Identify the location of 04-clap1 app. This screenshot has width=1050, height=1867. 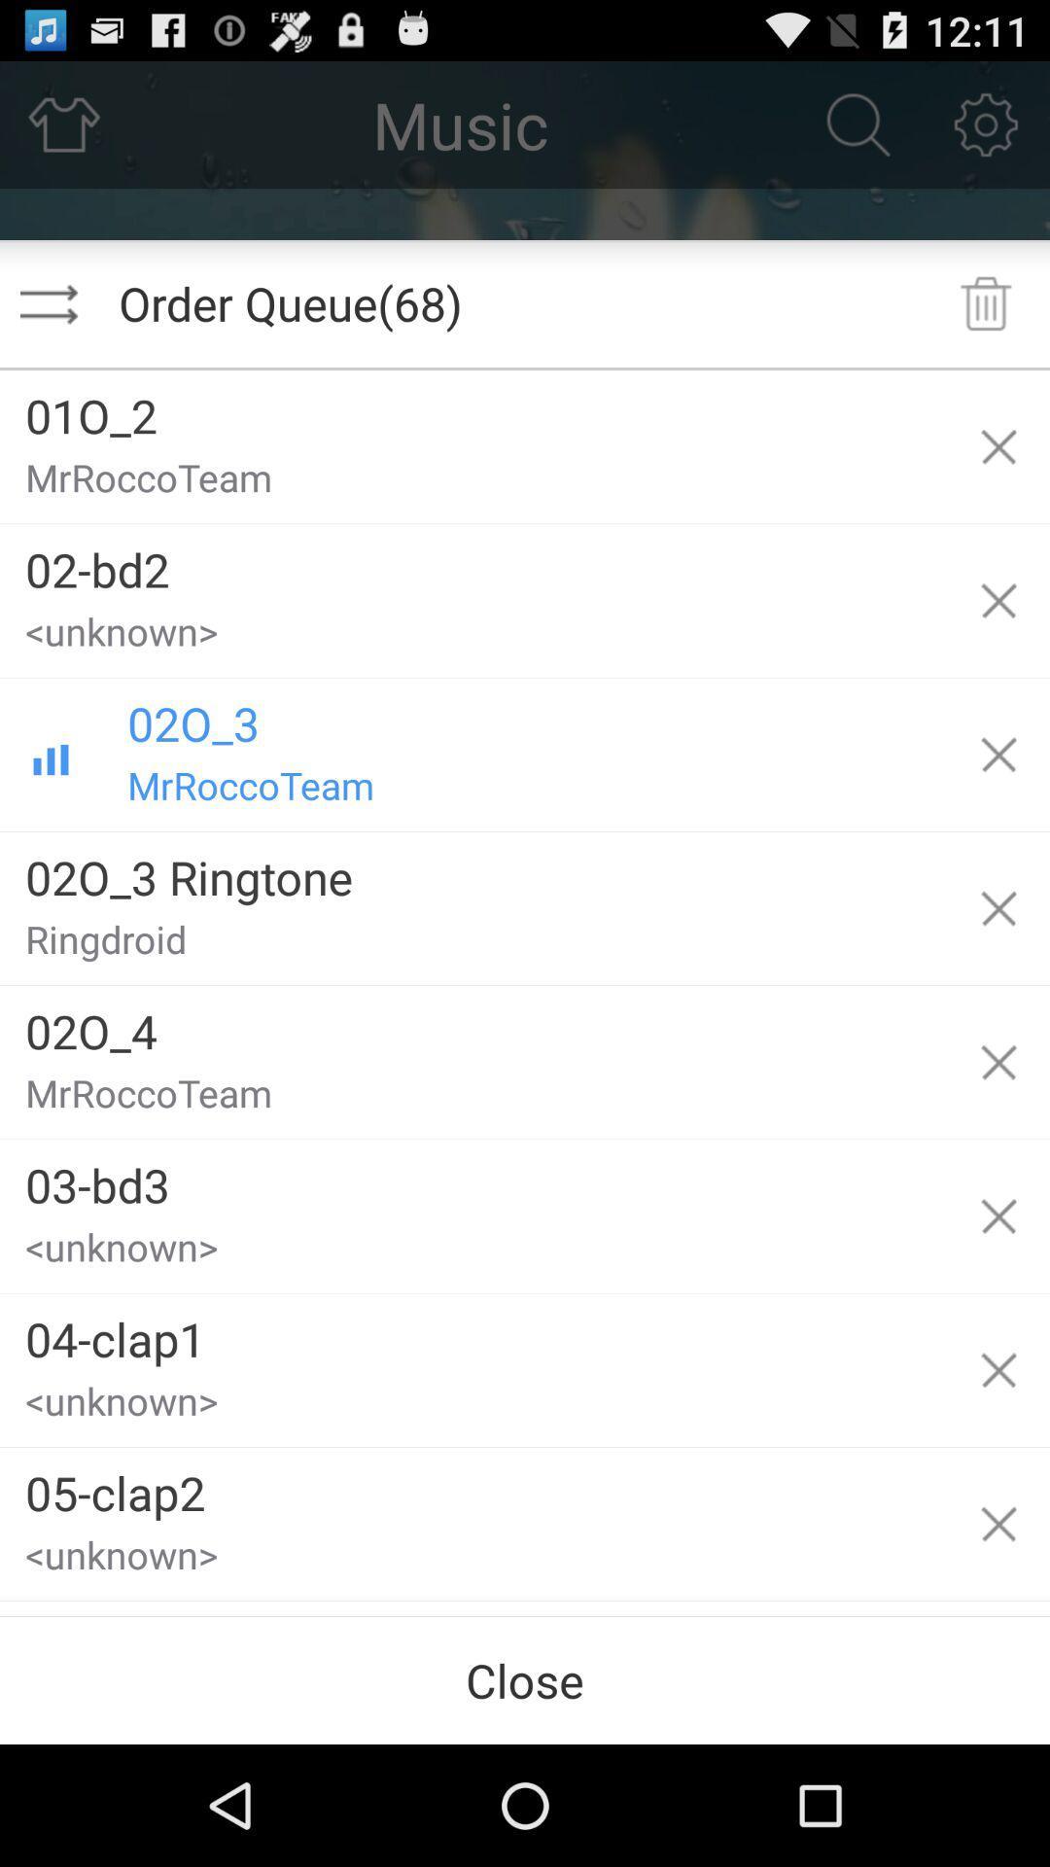
(473, 1330).